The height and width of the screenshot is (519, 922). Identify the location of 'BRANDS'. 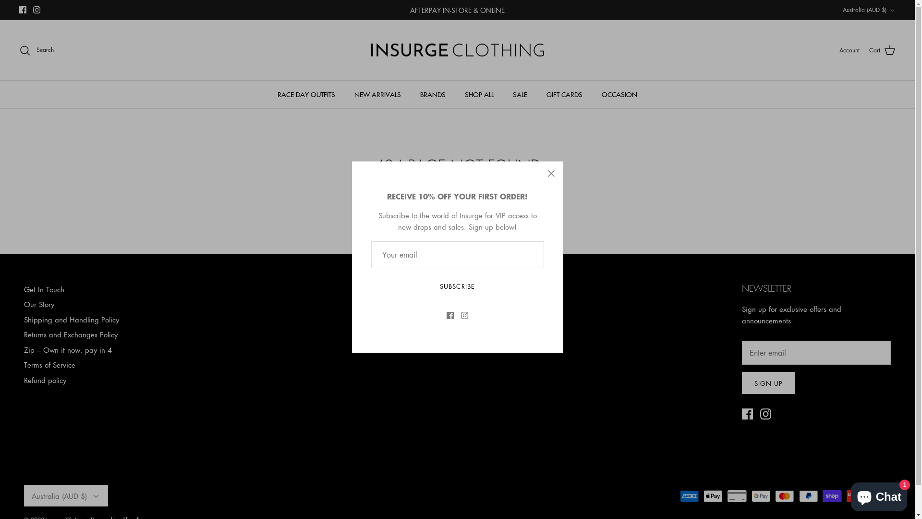
(432, 94).